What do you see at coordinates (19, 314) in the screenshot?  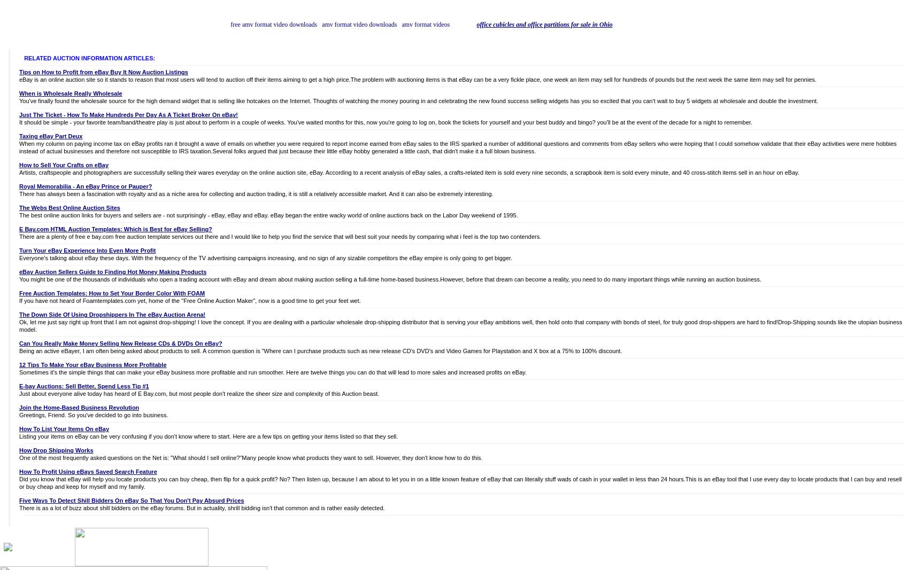 I see `'The Down Side Of Using
        Dropshippers In The eBay Auction Arena!'` at bounding box center [19, 314].